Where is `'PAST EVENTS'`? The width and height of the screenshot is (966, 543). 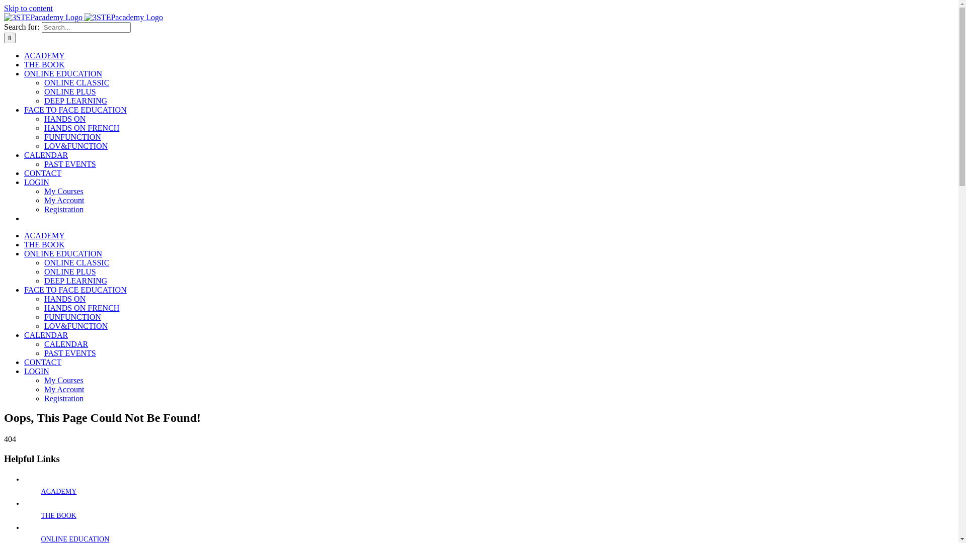 'PAST EVENTS' is located at coordinates (69, 352).